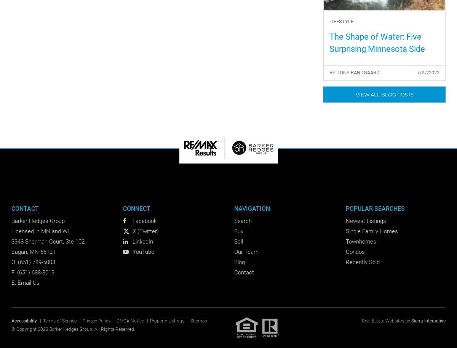 Image resolution: width=457 pixels, height=348 pixels. What do you see at coordinates (130, 321) in the screenshot?
I see `'DMCA Notice'` at bounding box center [130, 321].